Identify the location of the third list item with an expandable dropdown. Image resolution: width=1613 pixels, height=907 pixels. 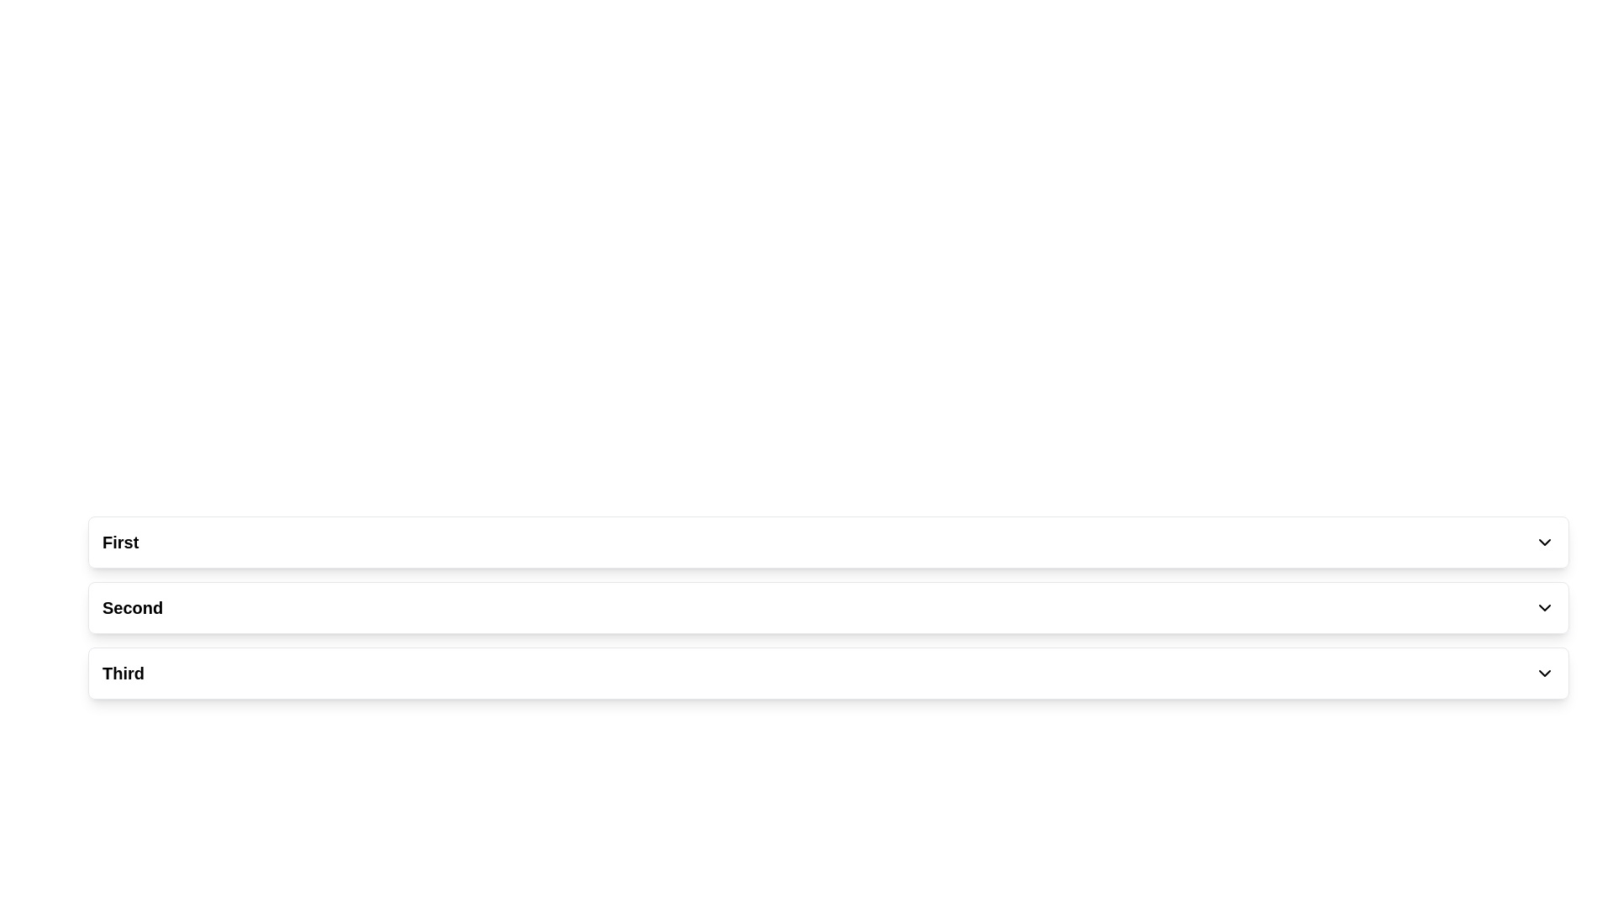
(828, 673).